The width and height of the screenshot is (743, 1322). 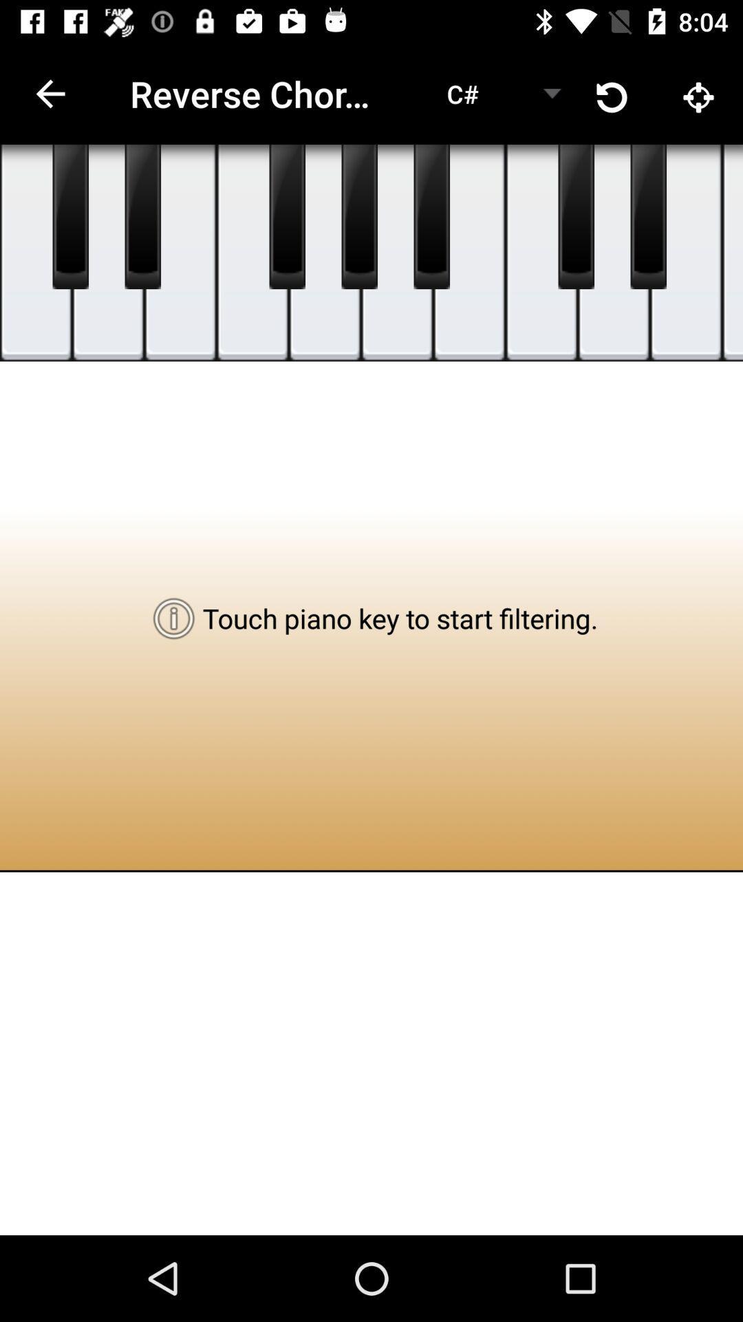 What do you see at coordinates (431, 216) in the screenshot?
I see `icon below the c#` at bounding box center [431, 216].